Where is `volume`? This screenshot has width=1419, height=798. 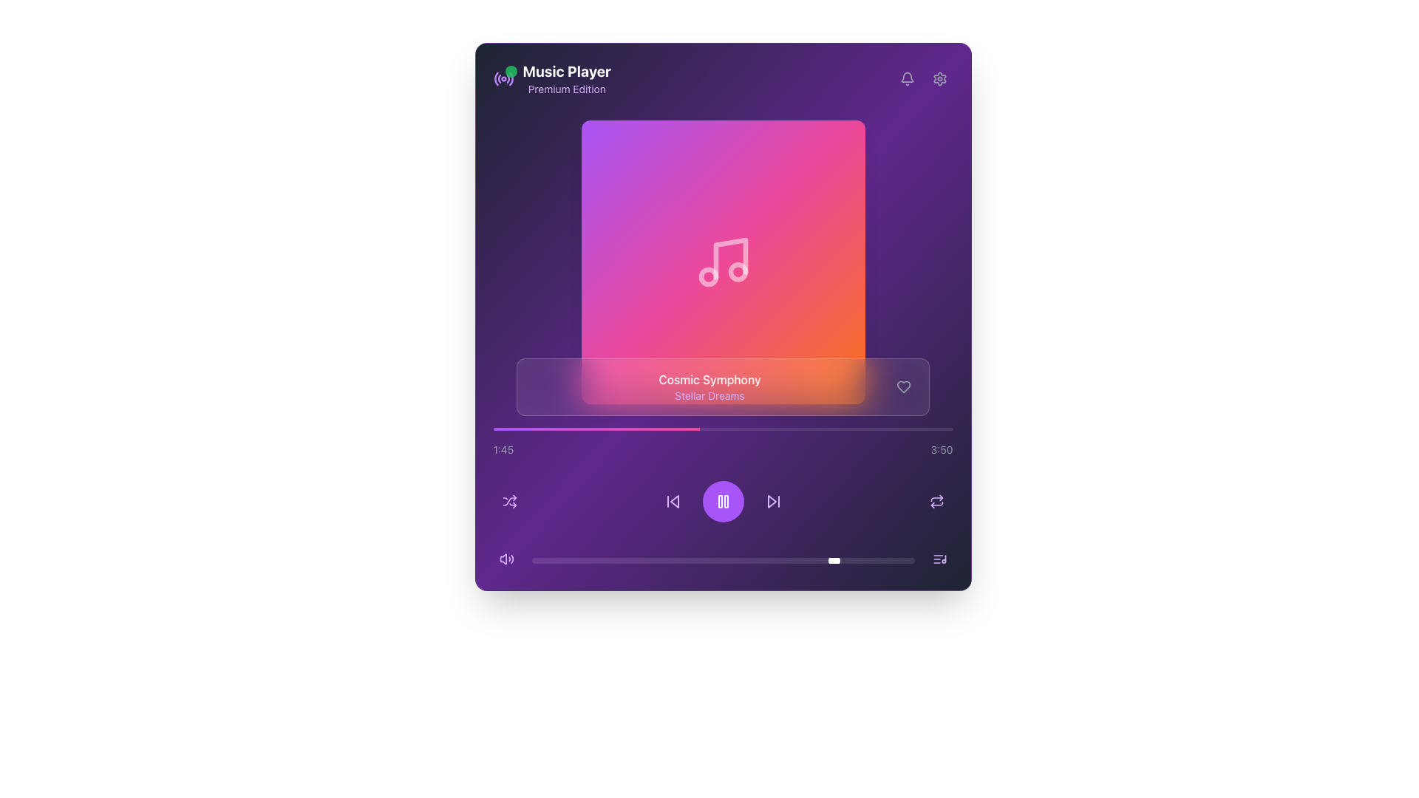 volume is located at coordinates (799, 561).